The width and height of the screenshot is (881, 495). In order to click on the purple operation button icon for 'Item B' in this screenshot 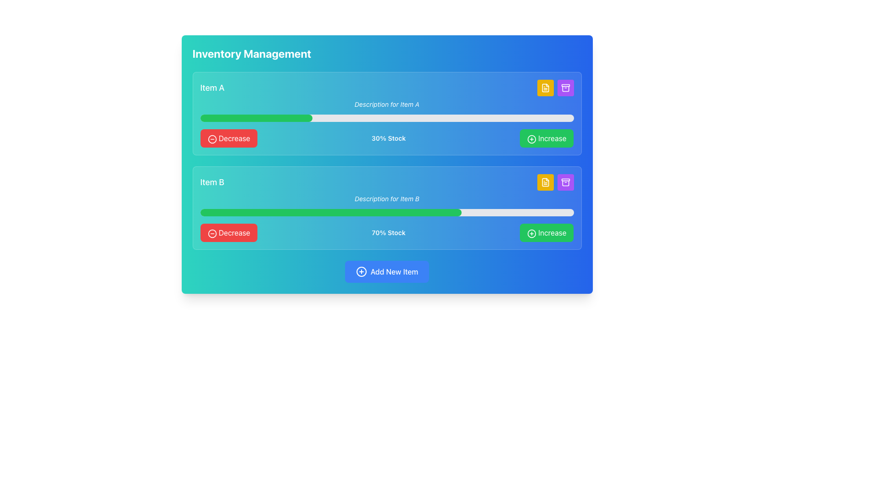, I will do `click(565, 182)`.